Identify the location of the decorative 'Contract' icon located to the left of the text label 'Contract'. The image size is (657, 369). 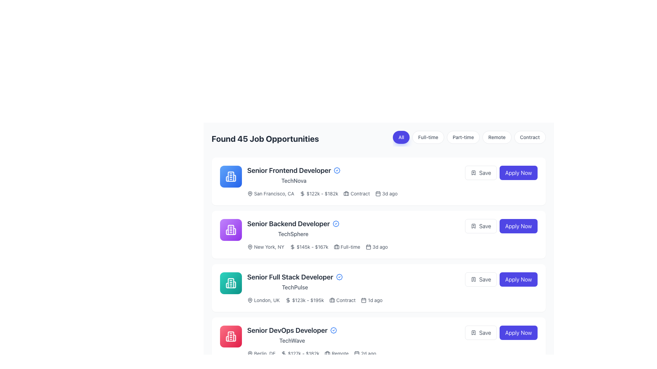
(332, 300).